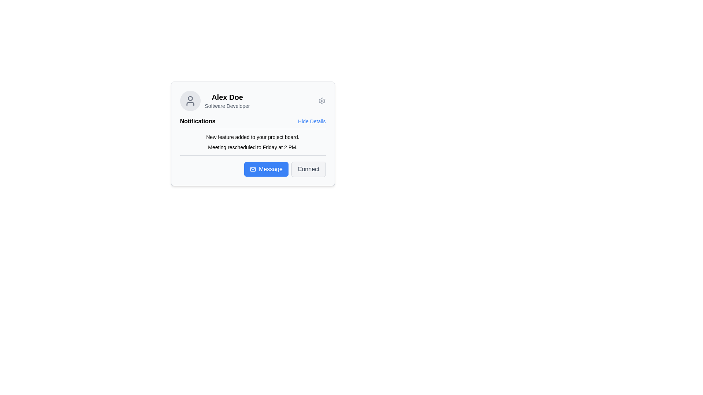 Image resolution: width=703 pixels, height=395 pixels. Describe the element at coordinates (253, 169) in the screenshot. I see `the envelope icon with a blue background, located inside the 'Message' button at the bottom left corner of the card interface` at that location.